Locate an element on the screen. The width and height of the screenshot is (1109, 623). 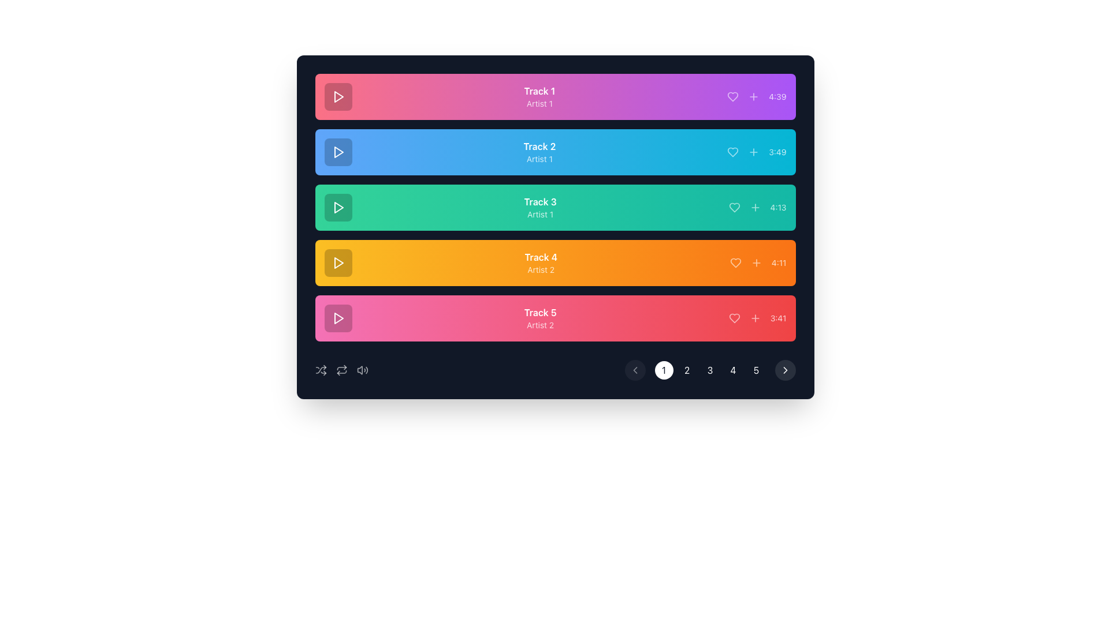
the circular pagination button displaying '3' for keyboard navigation is located at coordinates (709, 370).